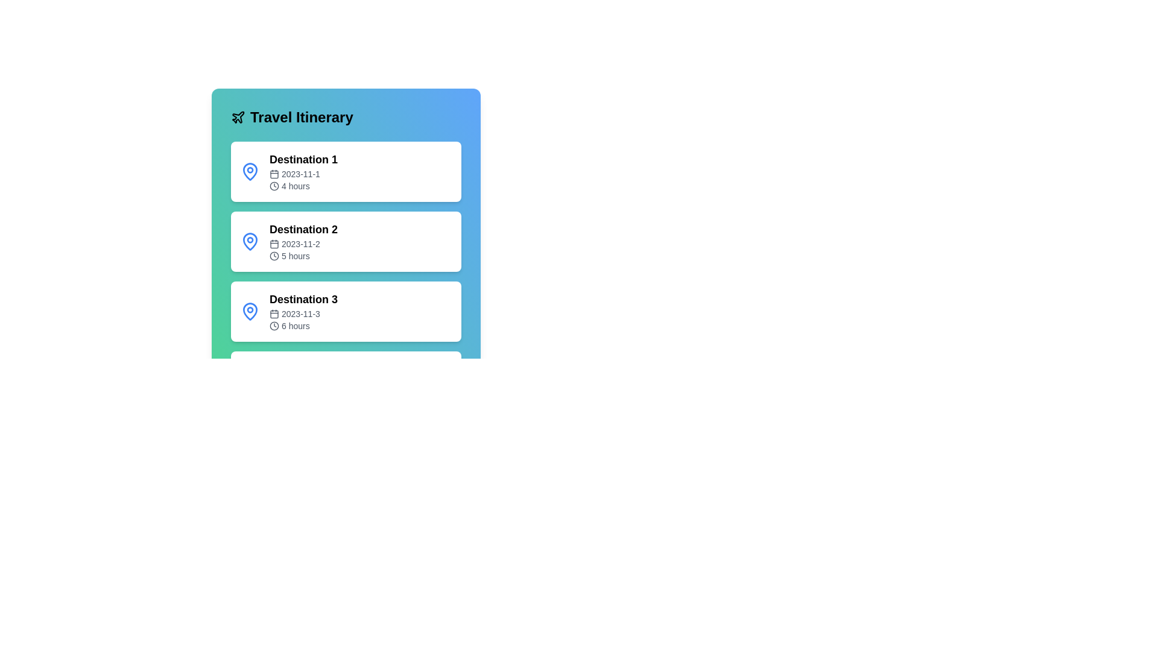 This screenshot has height=651, width=1158. I want to click on the static text displaying '6 hours' with a clock icon, which is located in the third block under 'Destination 3', so click(303, 325).